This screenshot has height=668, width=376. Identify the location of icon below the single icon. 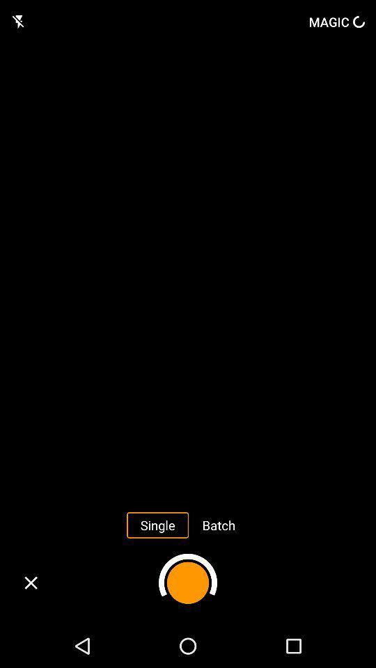
(188, 582).